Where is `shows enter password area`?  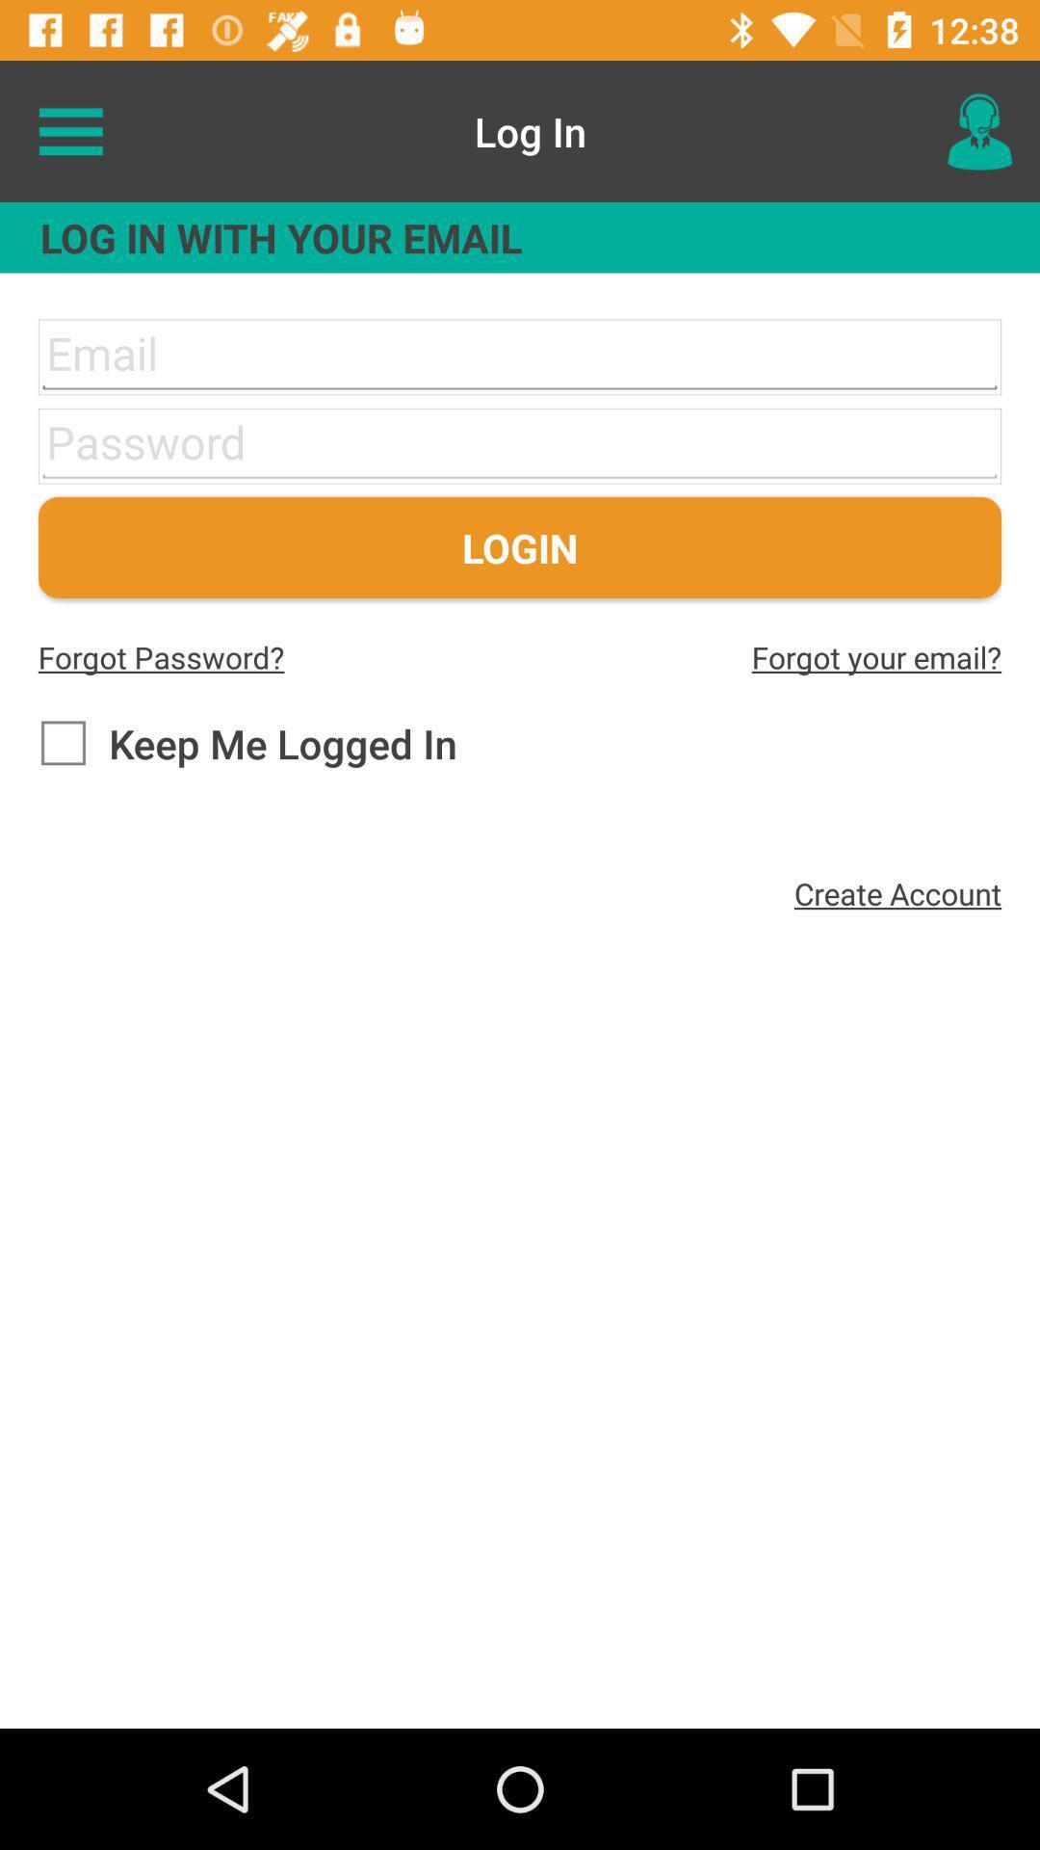 shows enter password area is located at coordinates (520, 445).